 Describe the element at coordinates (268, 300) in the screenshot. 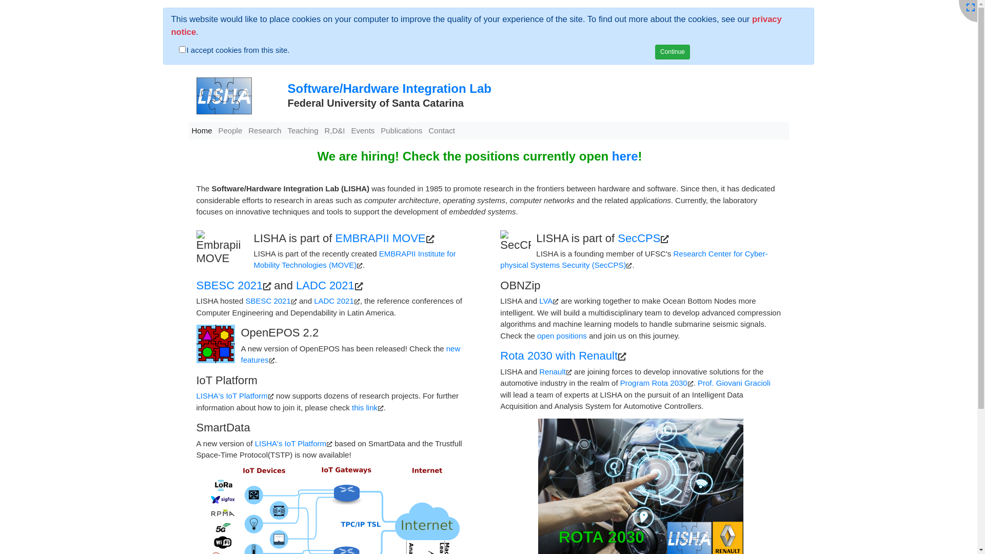

I see `'SBESC 2021'` at that location.